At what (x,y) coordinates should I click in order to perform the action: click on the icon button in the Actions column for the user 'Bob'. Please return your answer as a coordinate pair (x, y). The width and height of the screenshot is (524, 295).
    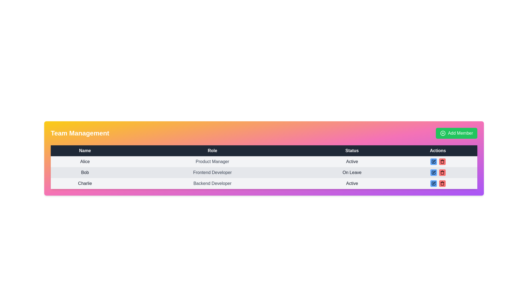
    Looking at the image, I should click on (433, 183).